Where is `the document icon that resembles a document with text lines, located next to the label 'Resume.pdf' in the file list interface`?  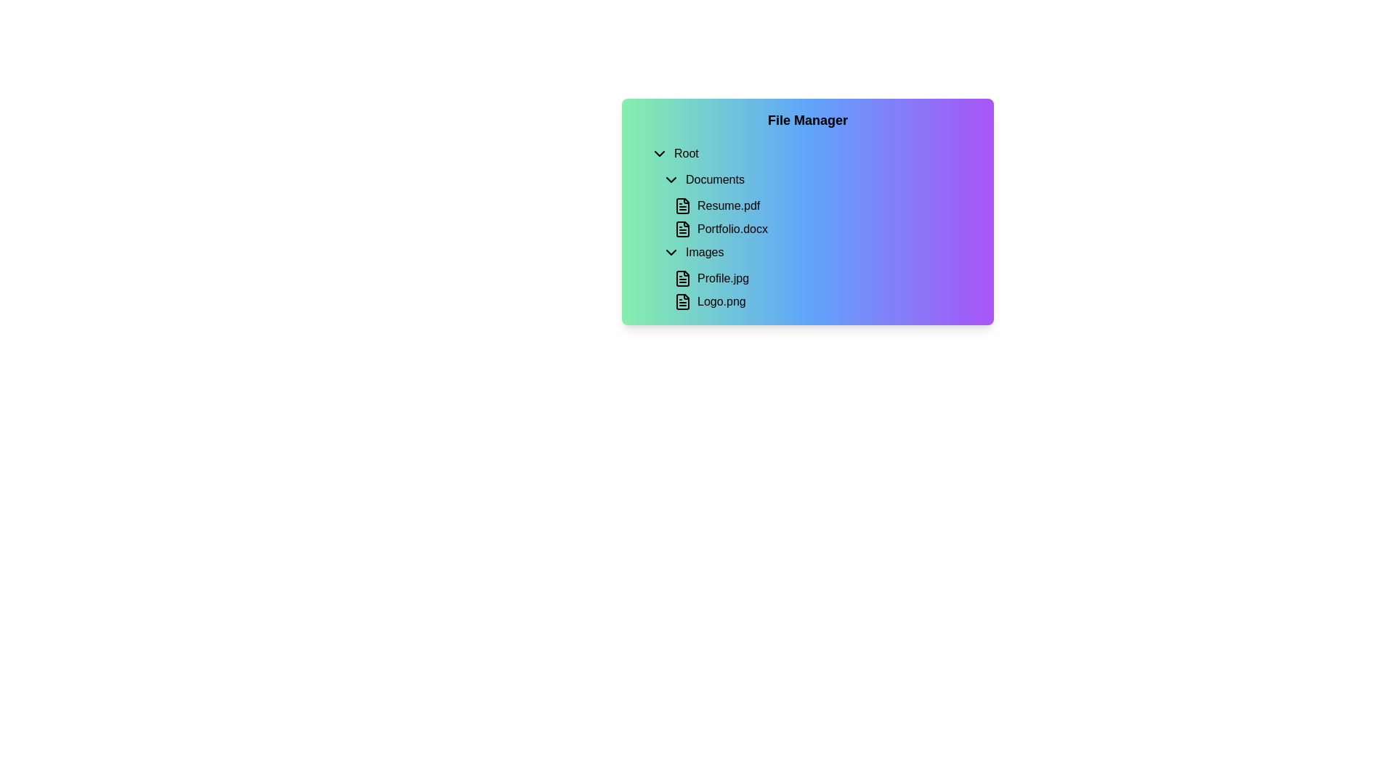 the document icon that resembles a document with text lines, located next to the label 'Resume.pdf' in the file list interface is located at coordinates (682, 206).